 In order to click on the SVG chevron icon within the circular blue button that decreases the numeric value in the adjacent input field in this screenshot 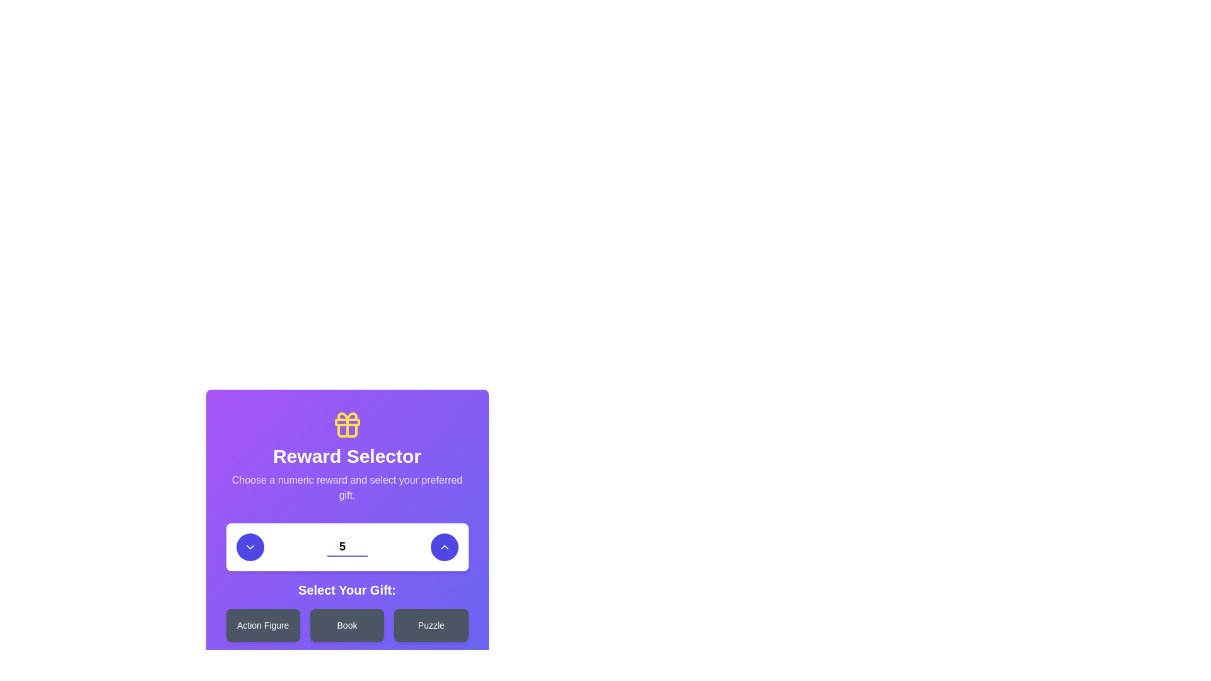, I will do `click(250, 546)`.